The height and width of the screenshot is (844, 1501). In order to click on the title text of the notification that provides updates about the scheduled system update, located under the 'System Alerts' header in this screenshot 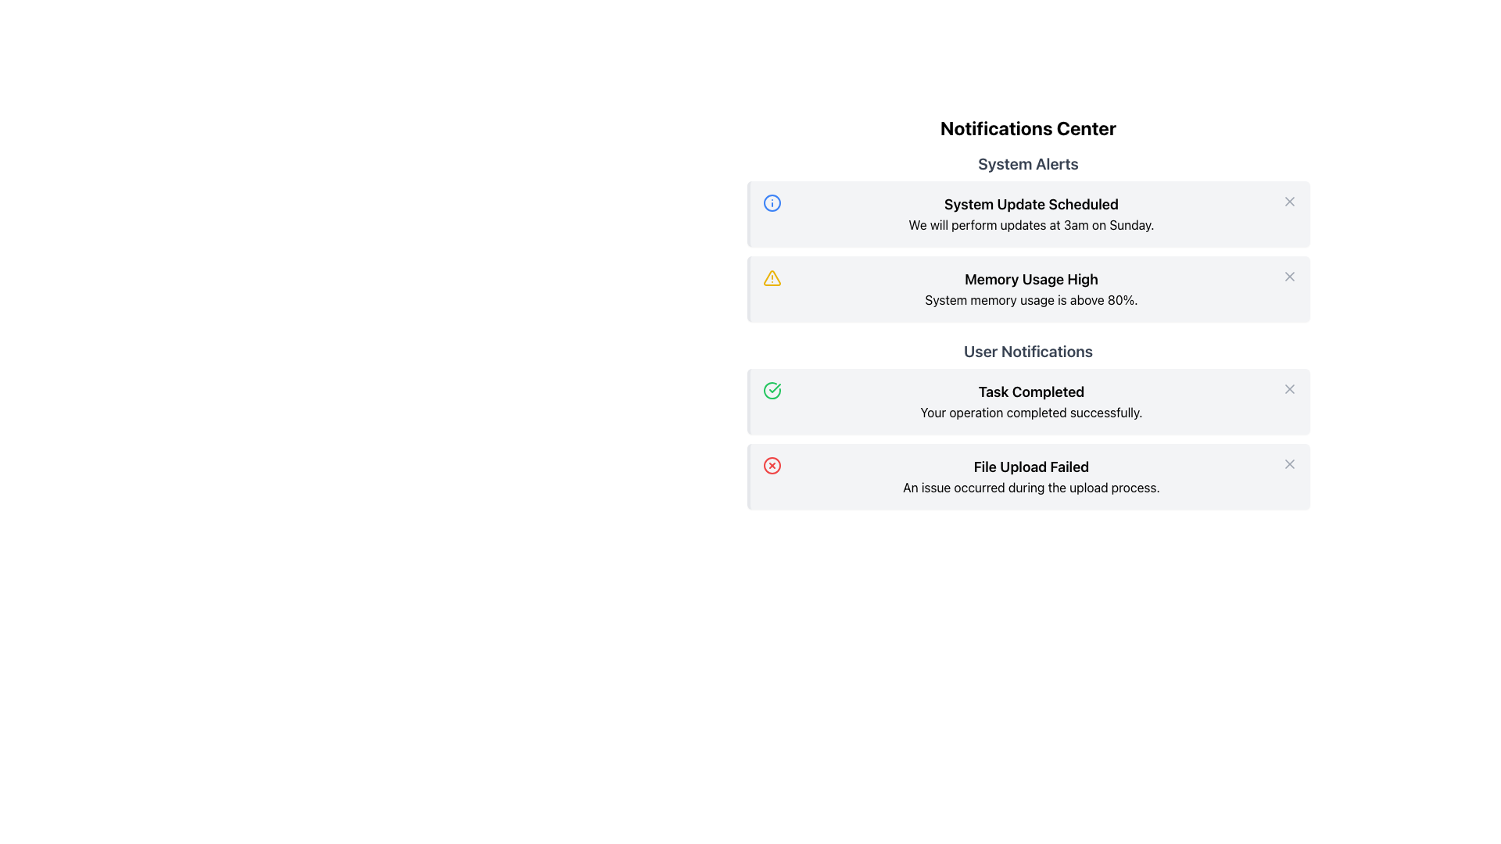, I will do `click(1031, 204)`.